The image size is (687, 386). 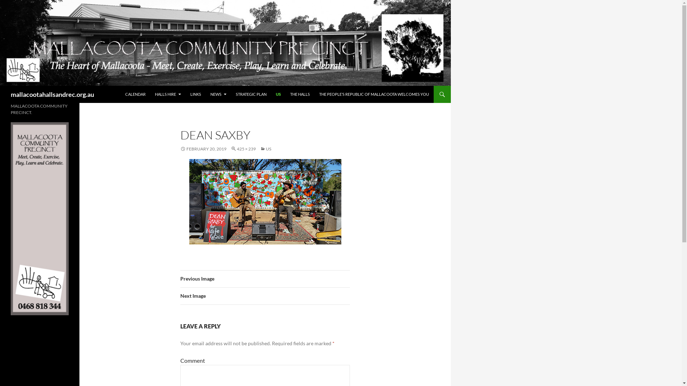 I want to click on 'mallacootahallsandrec.org.au', so click(x=52, y=94).